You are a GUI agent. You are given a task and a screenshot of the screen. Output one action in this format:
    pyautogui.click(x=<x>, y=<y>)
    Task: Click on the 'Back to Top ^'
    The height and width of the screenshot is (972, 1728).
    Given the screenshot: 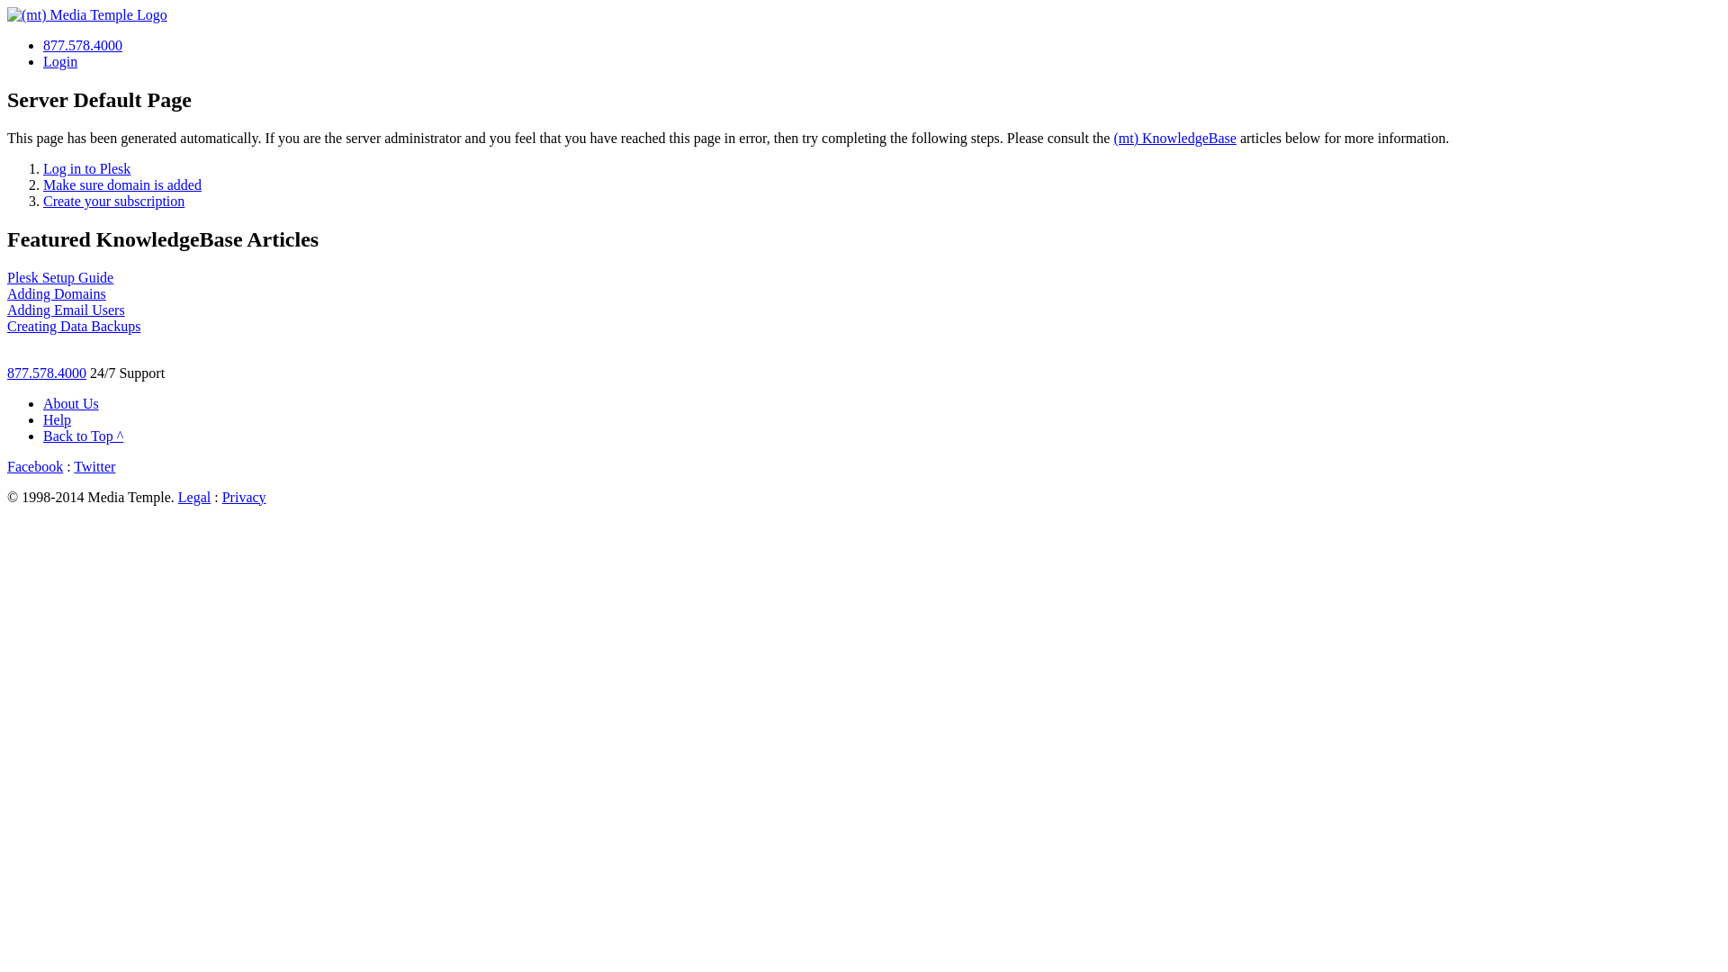 What is the action you would take?
    pyautogui.click(x=43, y=436)
    